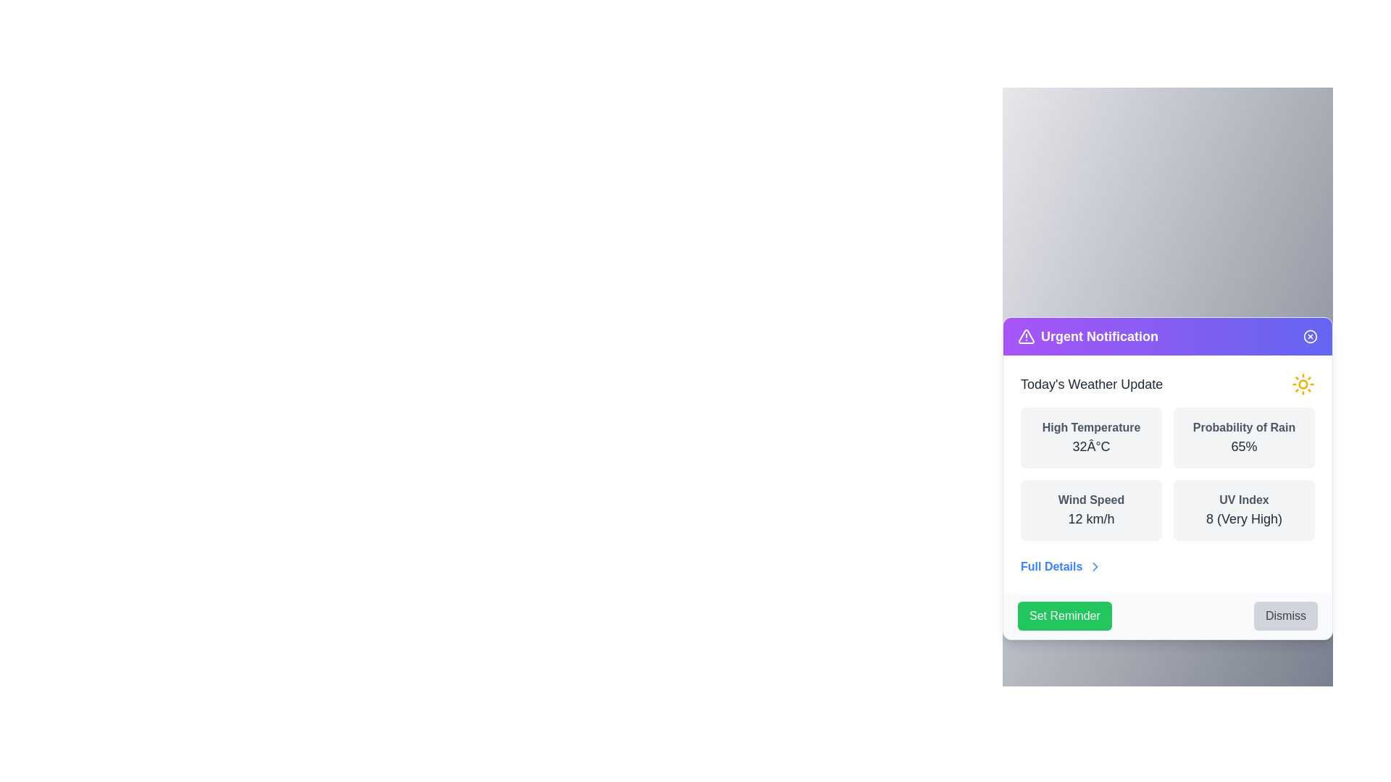  Describe the element at coordinates (1091, 510) in the screenshot. I see `the informational display card that shows wind speed, located in the bottom-left quadrant of the grid layout, specifically the third card below the 'High Temperature' card and to the left of the 'UV Index' card` at that location.